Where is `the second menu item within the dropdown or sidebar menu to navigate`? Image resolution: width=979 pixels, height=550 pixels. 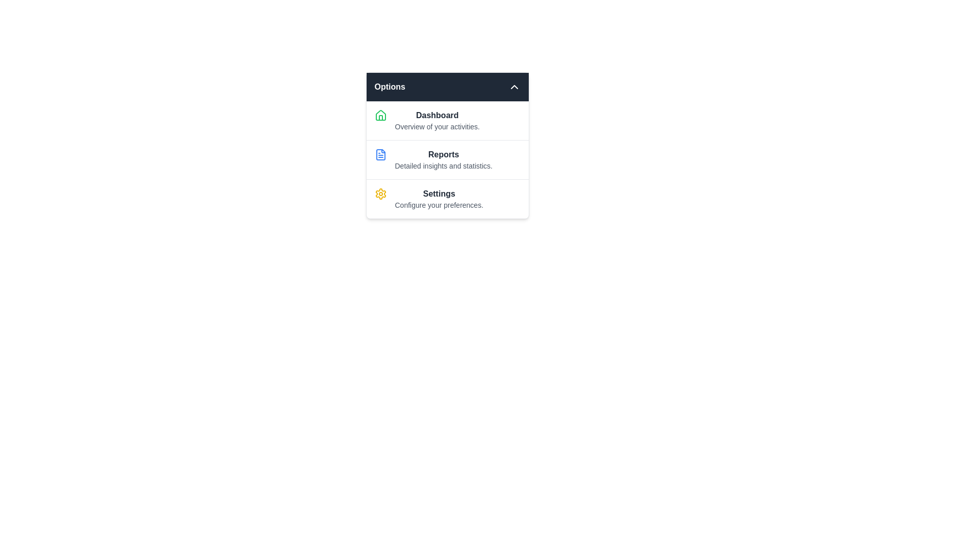
the second menu item within the dropdown or sidebar menu to navigate is located at coordinates (447, 159).